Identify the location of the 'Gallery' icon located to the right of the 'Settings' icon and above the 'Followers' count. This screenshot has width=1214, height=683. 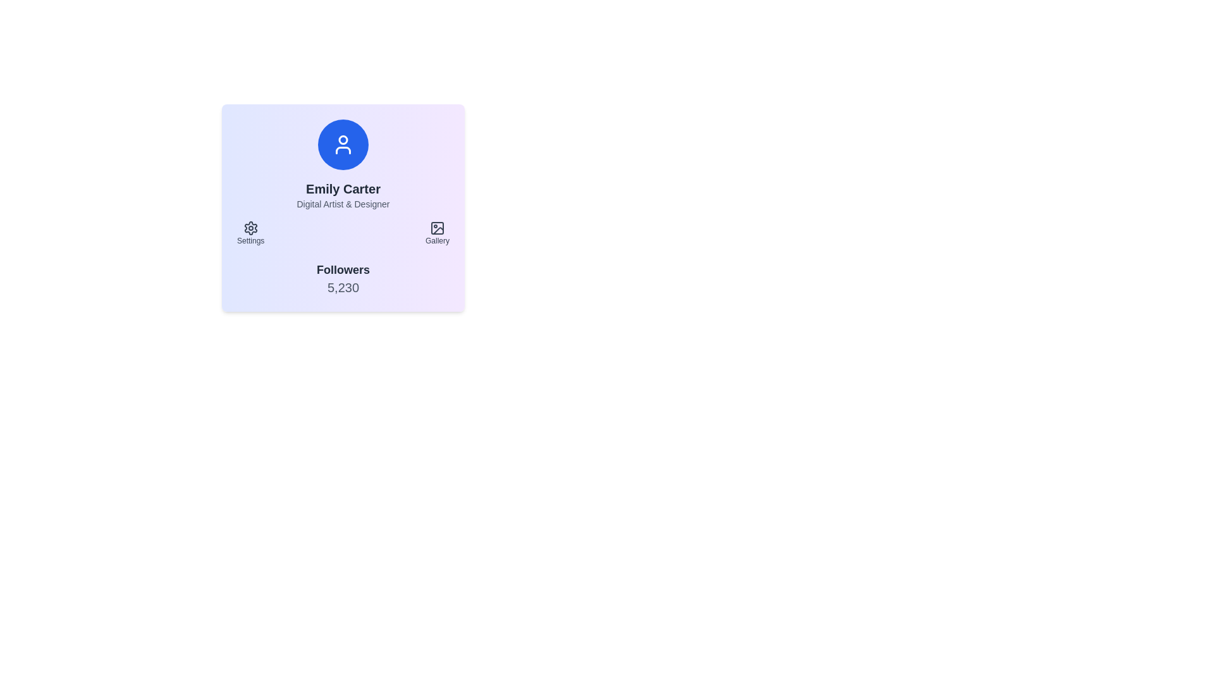
(437, 228).